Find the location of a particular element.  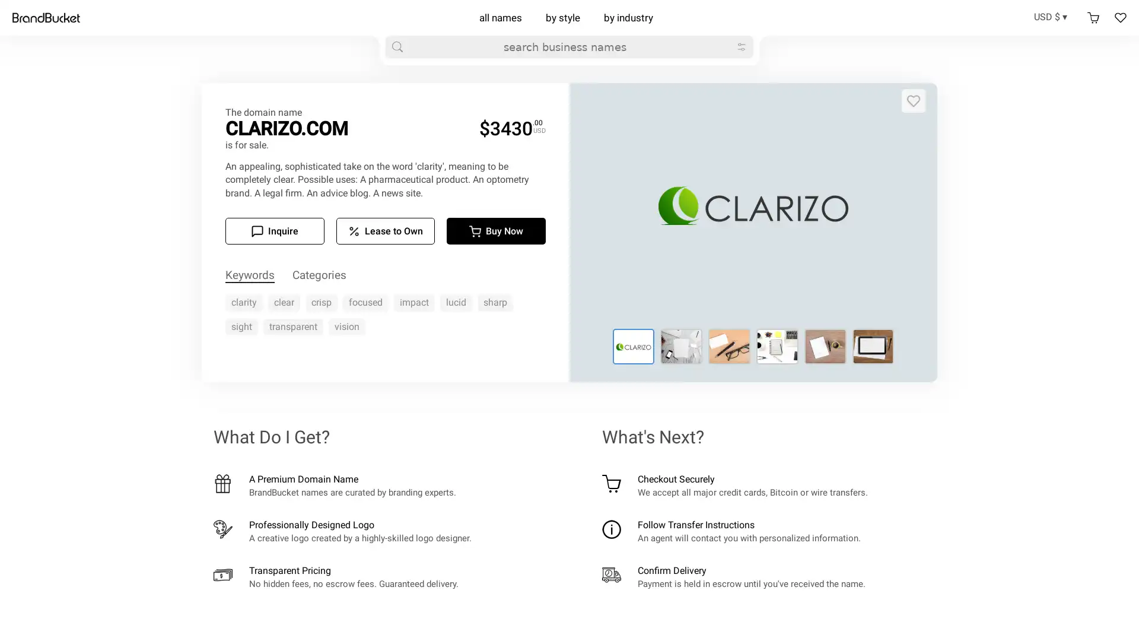

Add to favorites is located at coordinates (913, 100).